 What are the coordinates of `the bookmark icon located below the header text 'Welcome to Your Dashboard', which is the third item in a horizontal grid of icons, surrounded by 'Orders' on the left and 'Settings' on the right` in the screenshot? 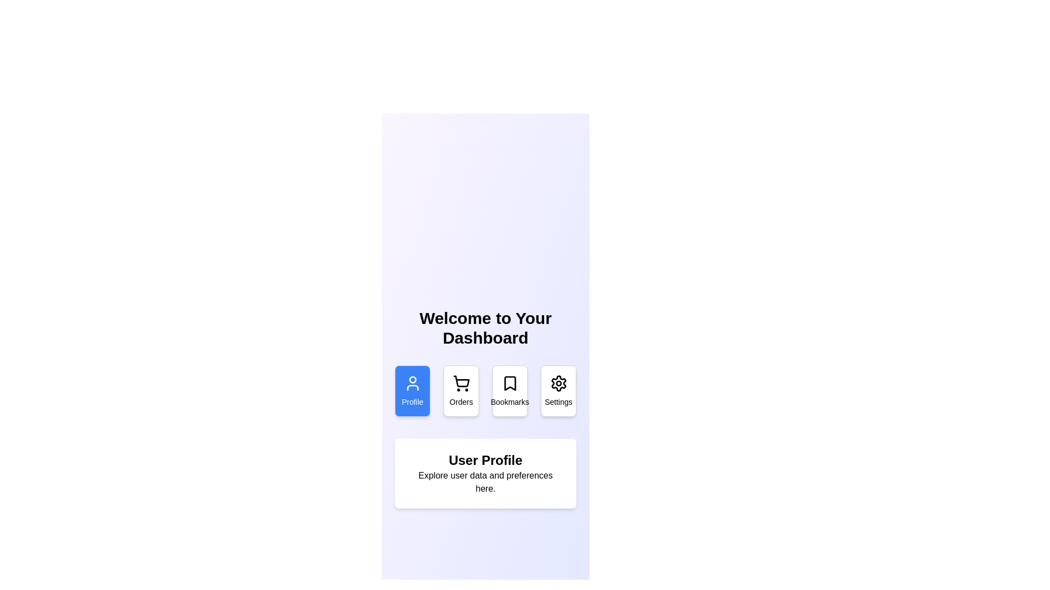 It's located at (509, 383).